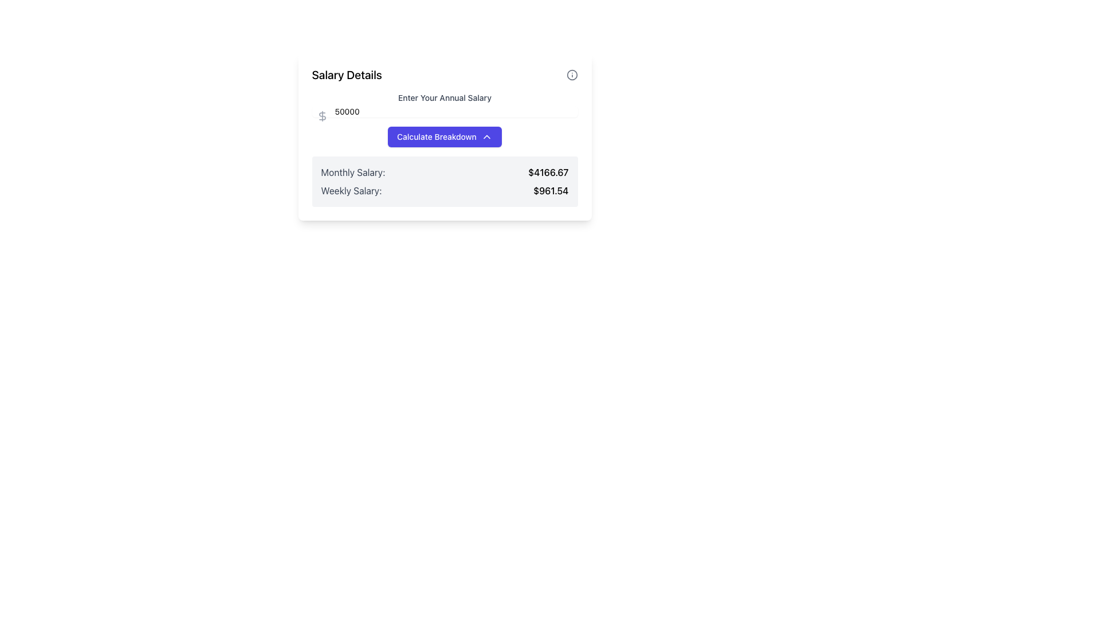 This screenshot has width=1100, height=619. I want to click on the circular element representing the information symbol in the upper-right corner of the 'Salary Details' card, so click(572, 75).